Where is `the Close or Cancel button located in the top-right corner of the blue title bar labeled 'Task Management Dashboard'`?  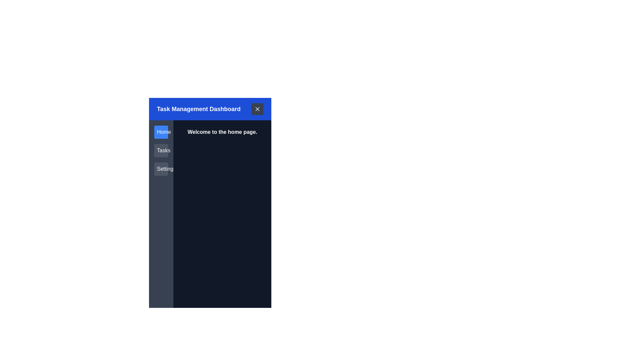
the Close or Cancel button located in the top-right corner of the blue title bar labeled 'Task Management Dashboard' is located at coordinates (257, 109).